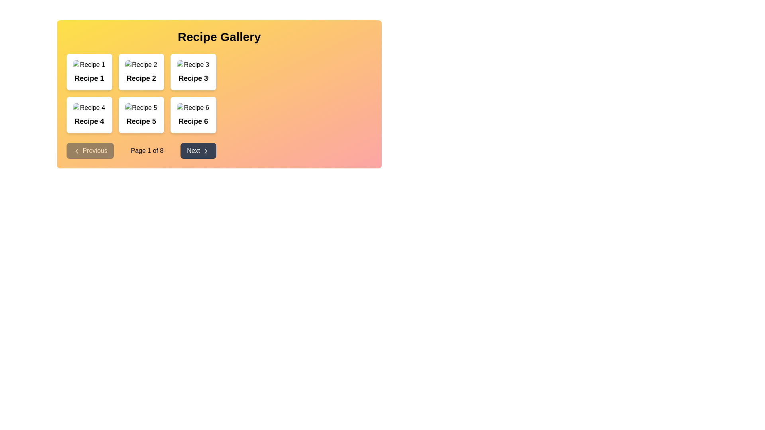 The width and height of the screenshot is (765, 430). I want to click on the 'Next' icon located inside the dark button at the bottom-right corner of the recipe gallery interface to advance to the next set of items or page, so click(206, 151).